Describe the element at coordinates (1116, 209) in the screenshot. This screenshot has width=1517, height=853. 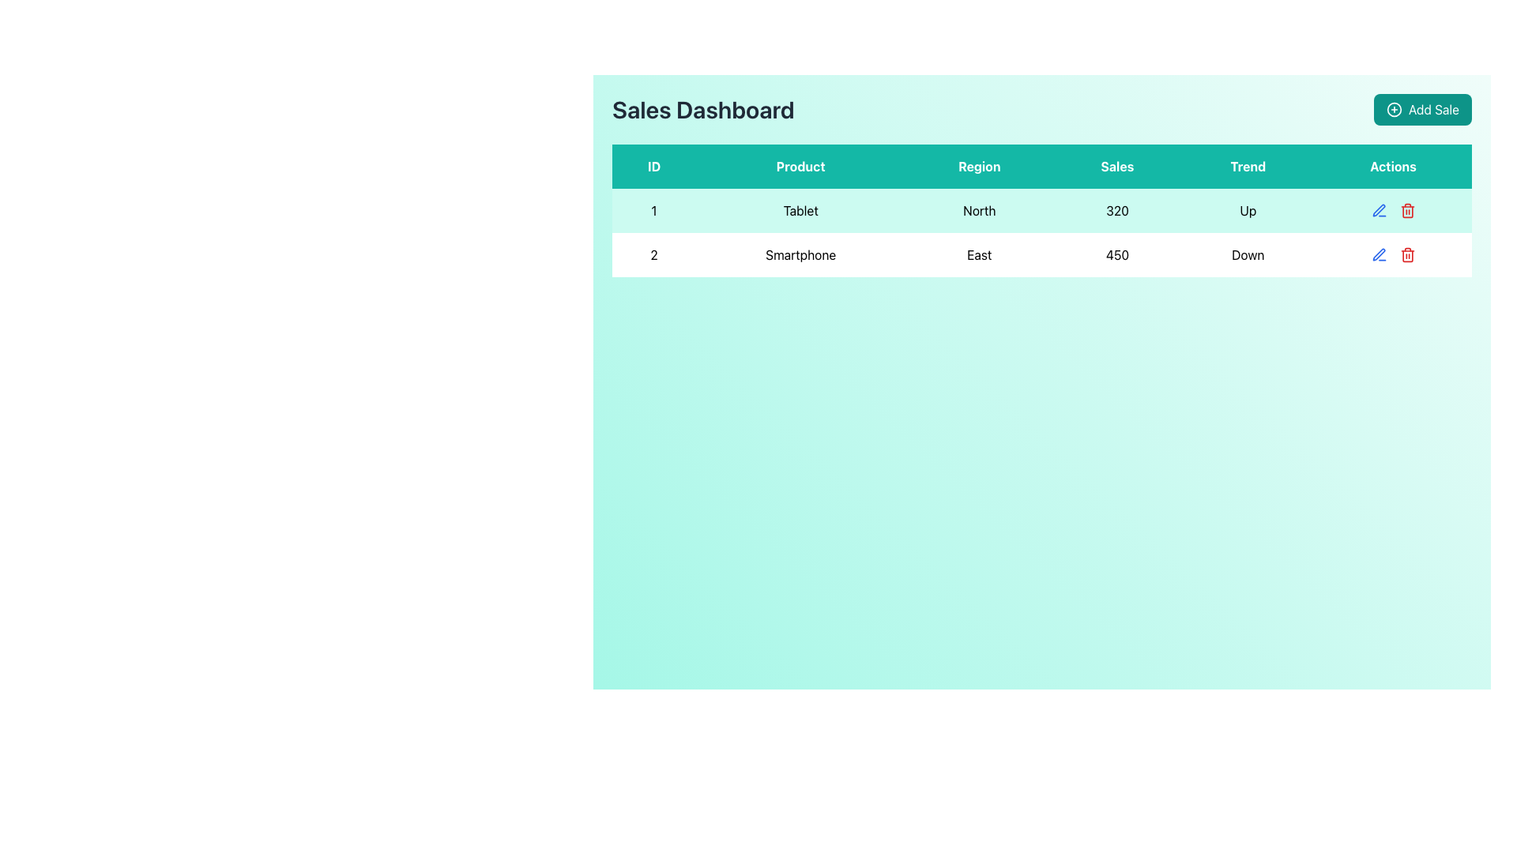
I see `numerical value '320' displayed in the 'Sales' column under the 'Tablet' row of the table` at that location.